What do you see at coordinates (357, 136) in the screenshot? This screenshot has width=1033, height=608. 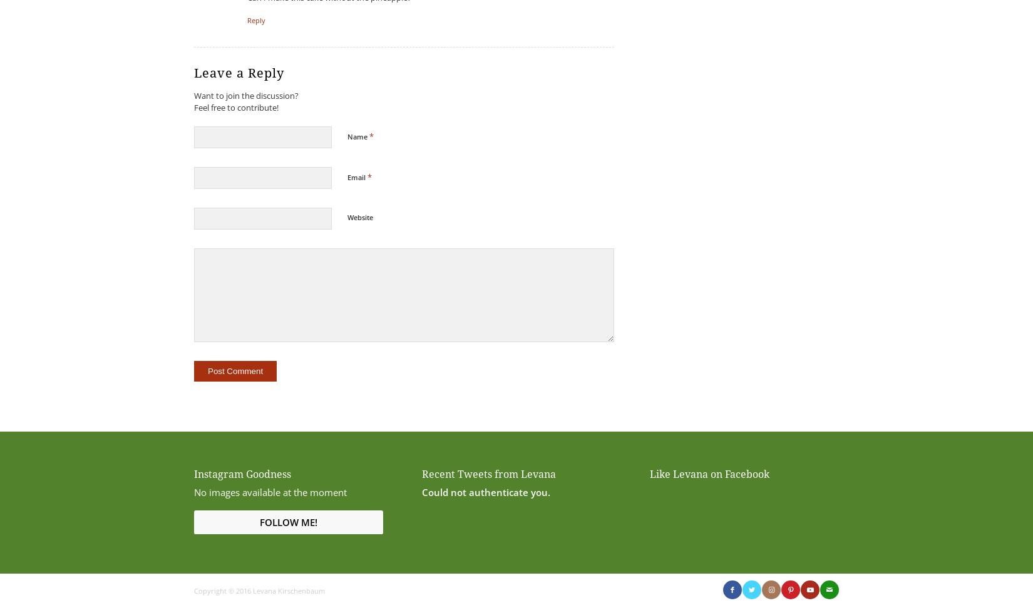 I see `'Name'` at bounding box center [357, 136].